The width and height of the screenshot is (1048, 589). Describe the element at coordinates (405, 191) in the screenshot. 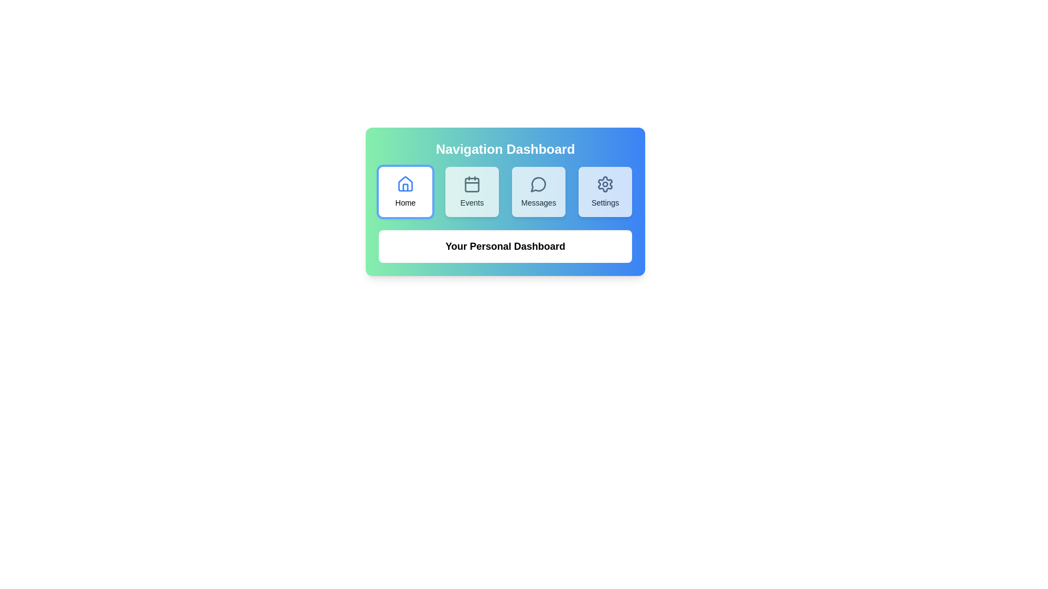

I see `the navigation button located in the top-left section of the grid layout` at that location.